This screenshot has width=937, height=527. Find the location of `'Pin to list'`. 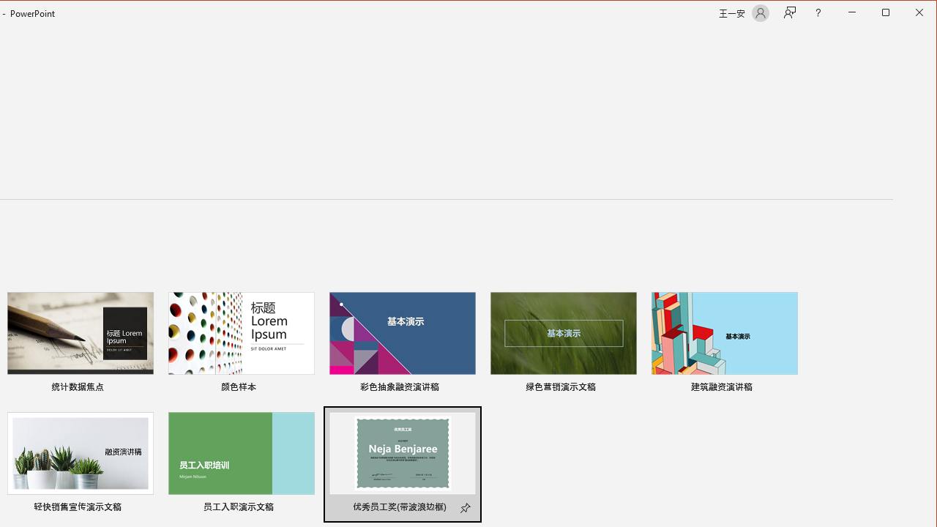

'Pin to list' is located at coordinates (466, 508).